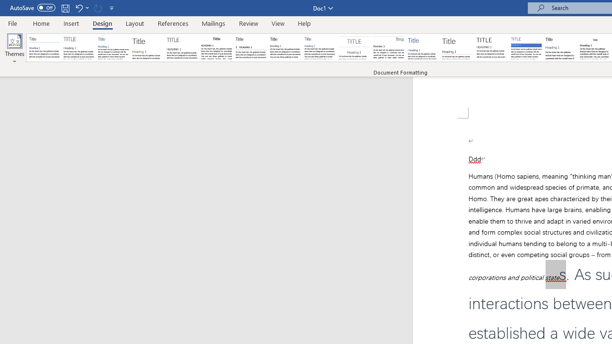 Image resolution: width=612 pixels, height=344 pixels. What do you see at coordinates (81, 8) in the screenshot?
I see `'Undo Apply Quick Style Set'` at bounding box center [81, 8].